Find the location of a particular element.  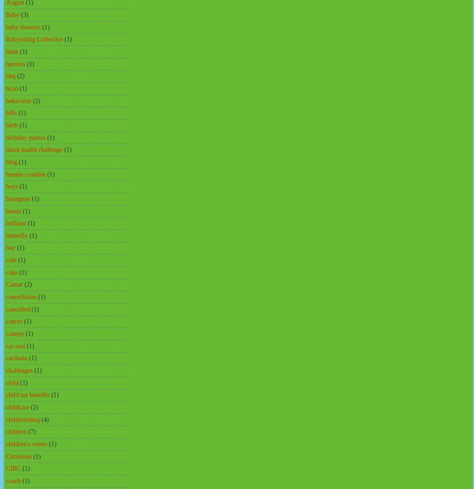

'car seat' is located at coordinates (15, 345).